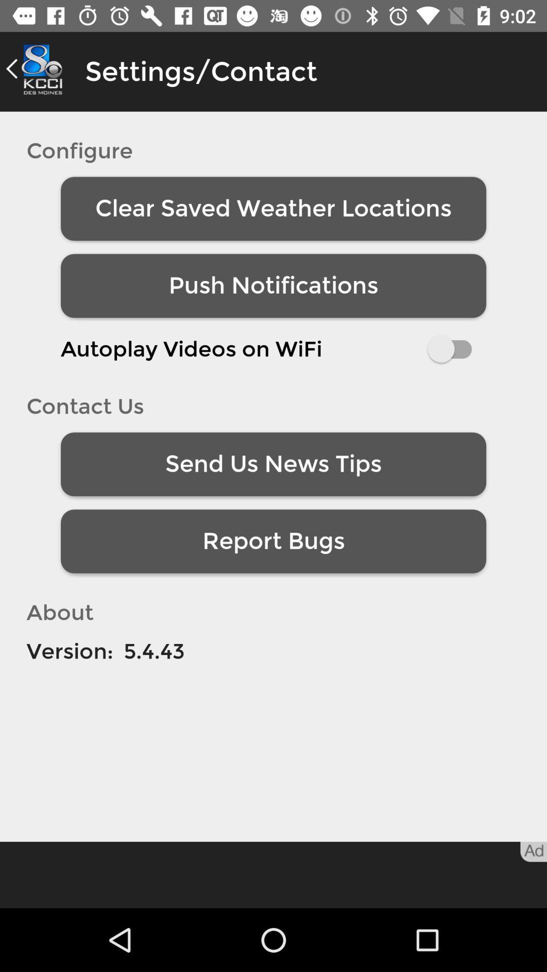 The image size is (547, 972). What do you see at coordinates (273, 285) in the screenshot?
I see `push notifications` at bounding box center [273, 285].